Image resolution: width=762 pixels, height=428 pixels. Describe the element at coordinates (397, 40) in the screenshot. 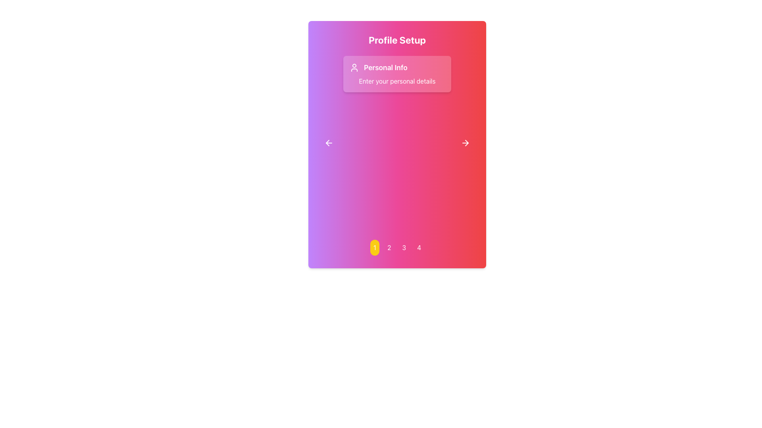

I see `the centered, bold, large text 'Profile Setup' at the top of the gradient-colored box transitioning from purple to red` at that location.